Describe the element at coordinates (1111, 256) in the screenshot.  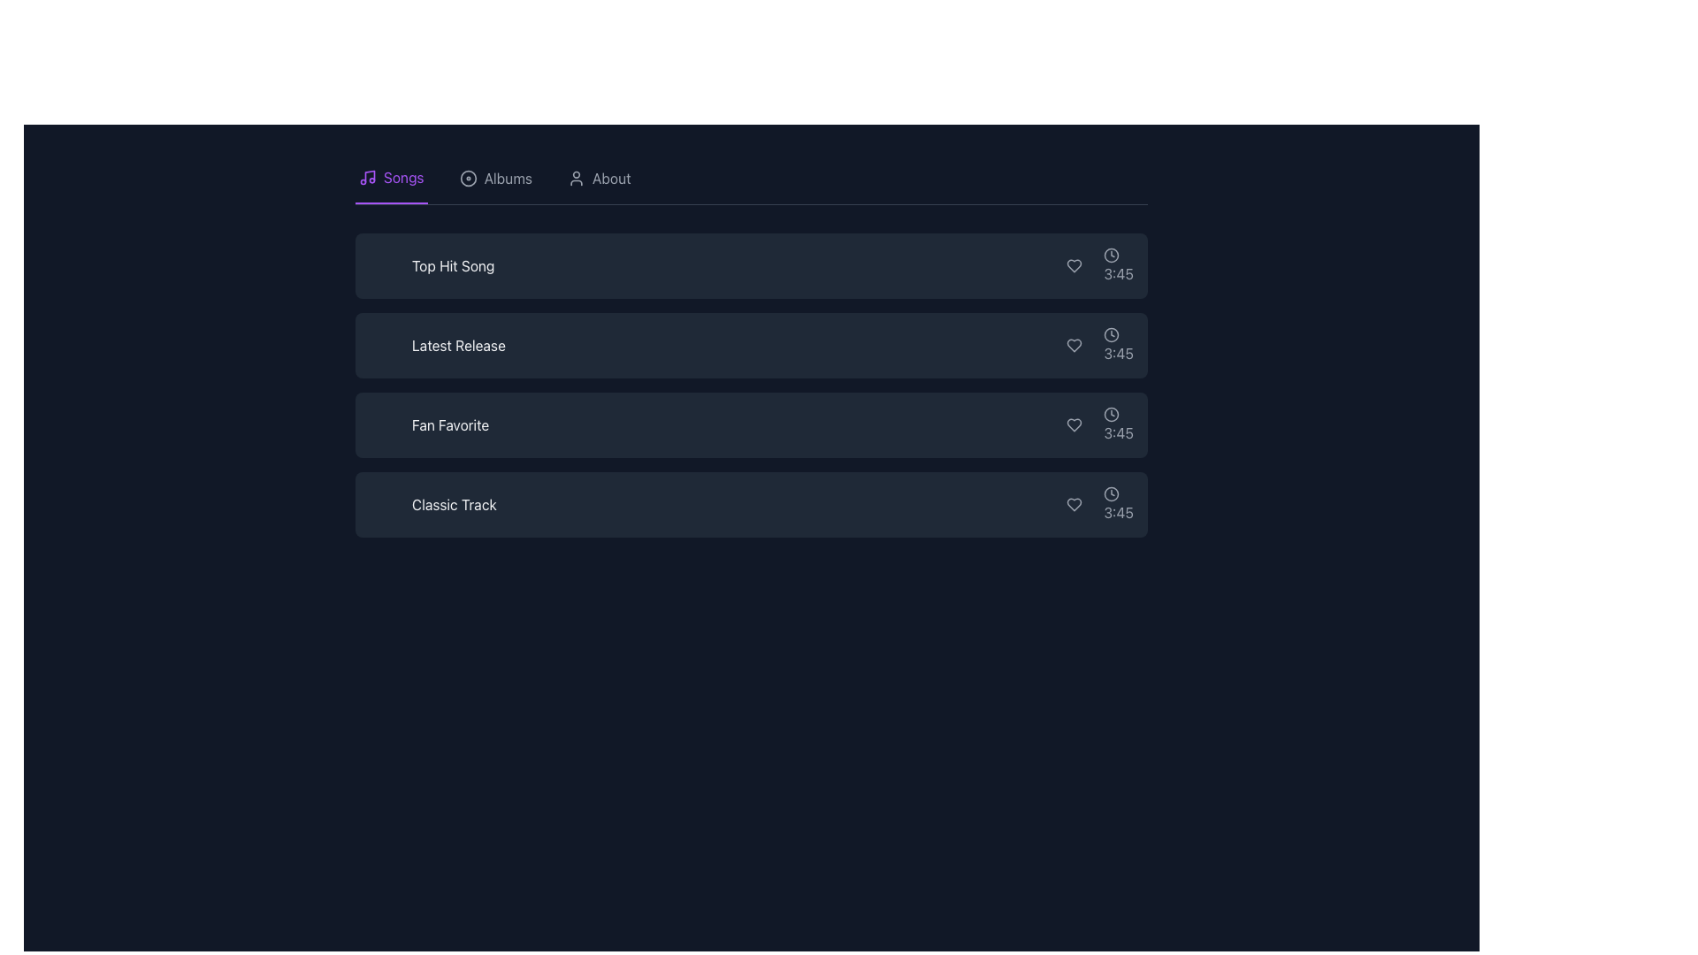
I see `the clock icon representing time, which visually indicates the duration '3:45' in the topmost row of the list` at that location.